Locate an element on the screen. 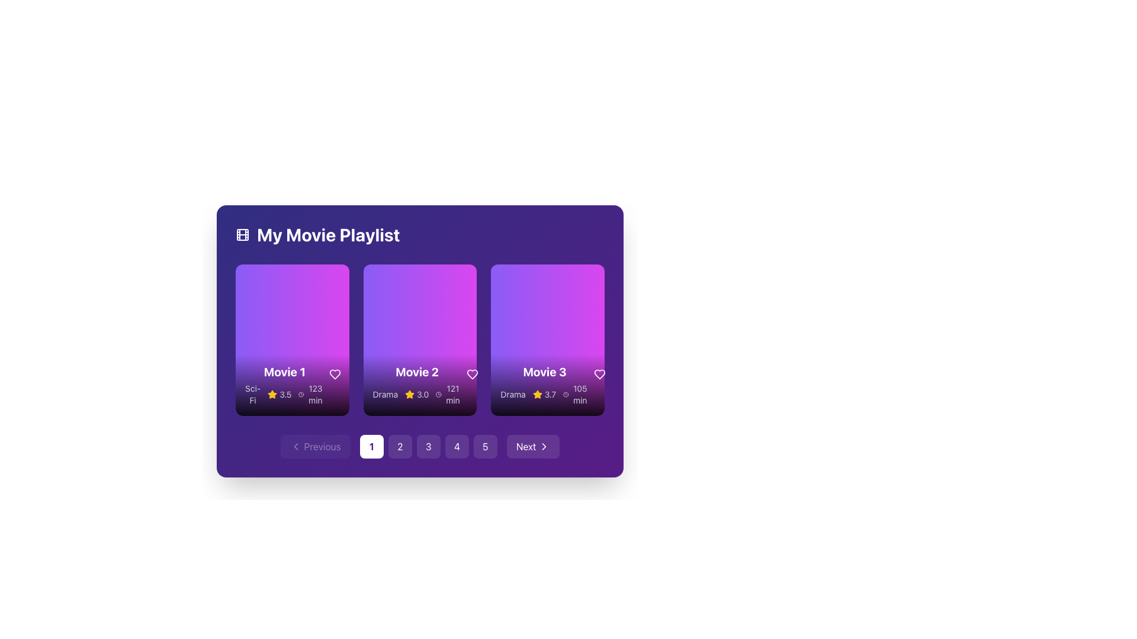  the text element specifying the duration of 'Movie 1', which is located to the right of the star rating '3.5' and the yellow star icon in the 'My Movie Playlist' interface is located at coordinates (311, 395).